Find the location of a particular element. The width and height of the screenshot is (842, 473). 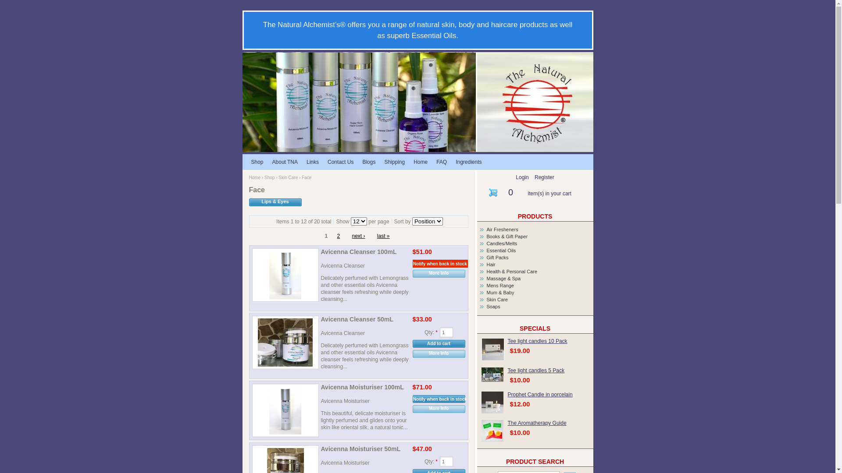

'Skin Care' is located at coordinates (278, 177).